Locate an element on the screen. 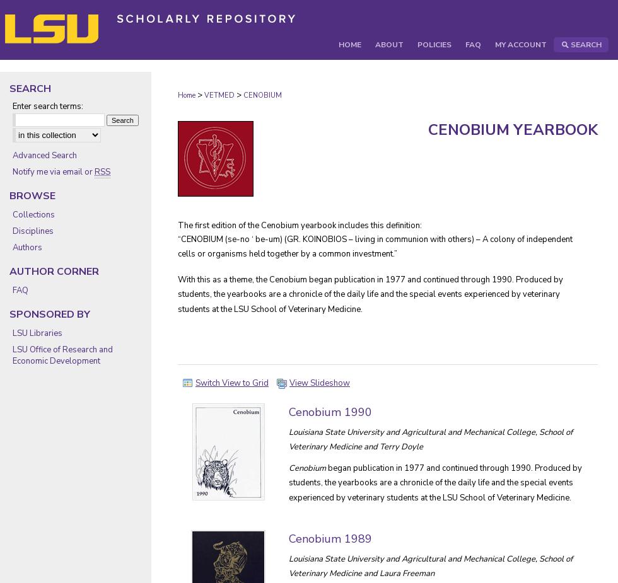  'Switch View to Grid' is located at coordinates (231, 382).